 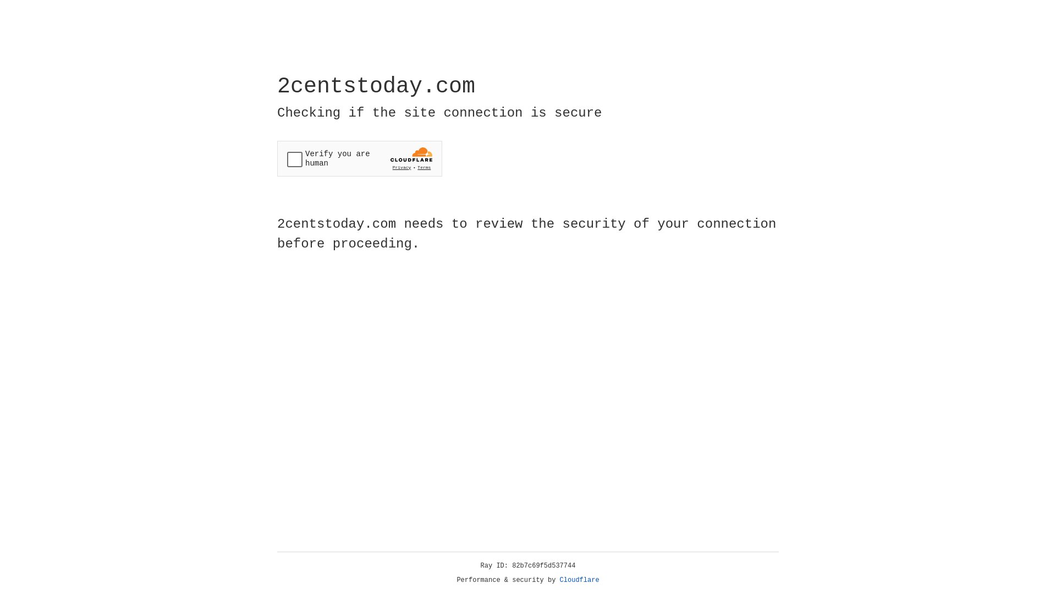 What do you see at coordinates (359, 158) in the screenshot?
I see `'Widget containing a Cloudflare security challenge'` at bounding box center [359, 158].